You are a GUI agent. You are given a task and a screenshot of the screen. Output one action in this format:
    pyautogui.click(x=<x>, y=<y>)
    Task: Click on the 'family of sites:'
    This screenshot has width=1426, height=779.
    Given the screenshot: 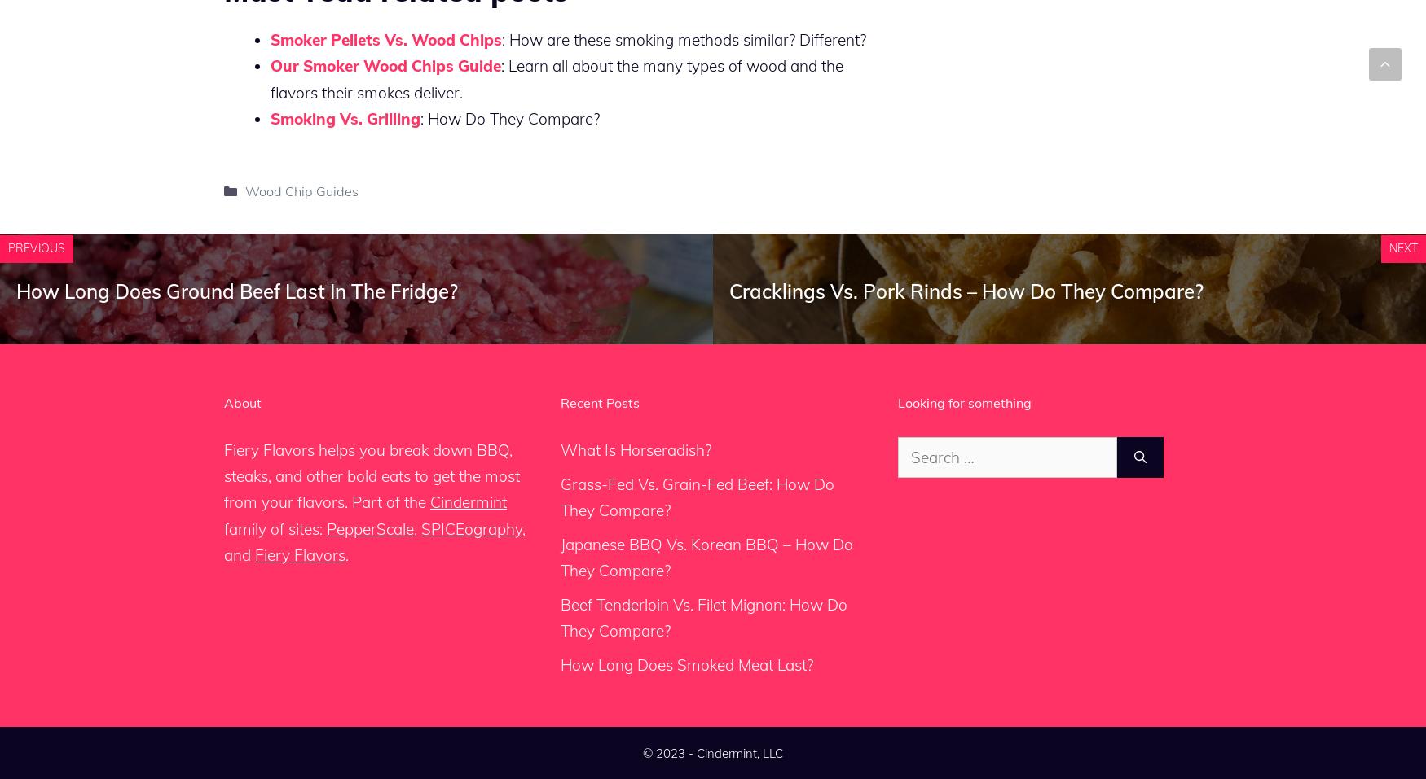 What is the action you would take?
    pyautogui.click(x=275, y=527)
    